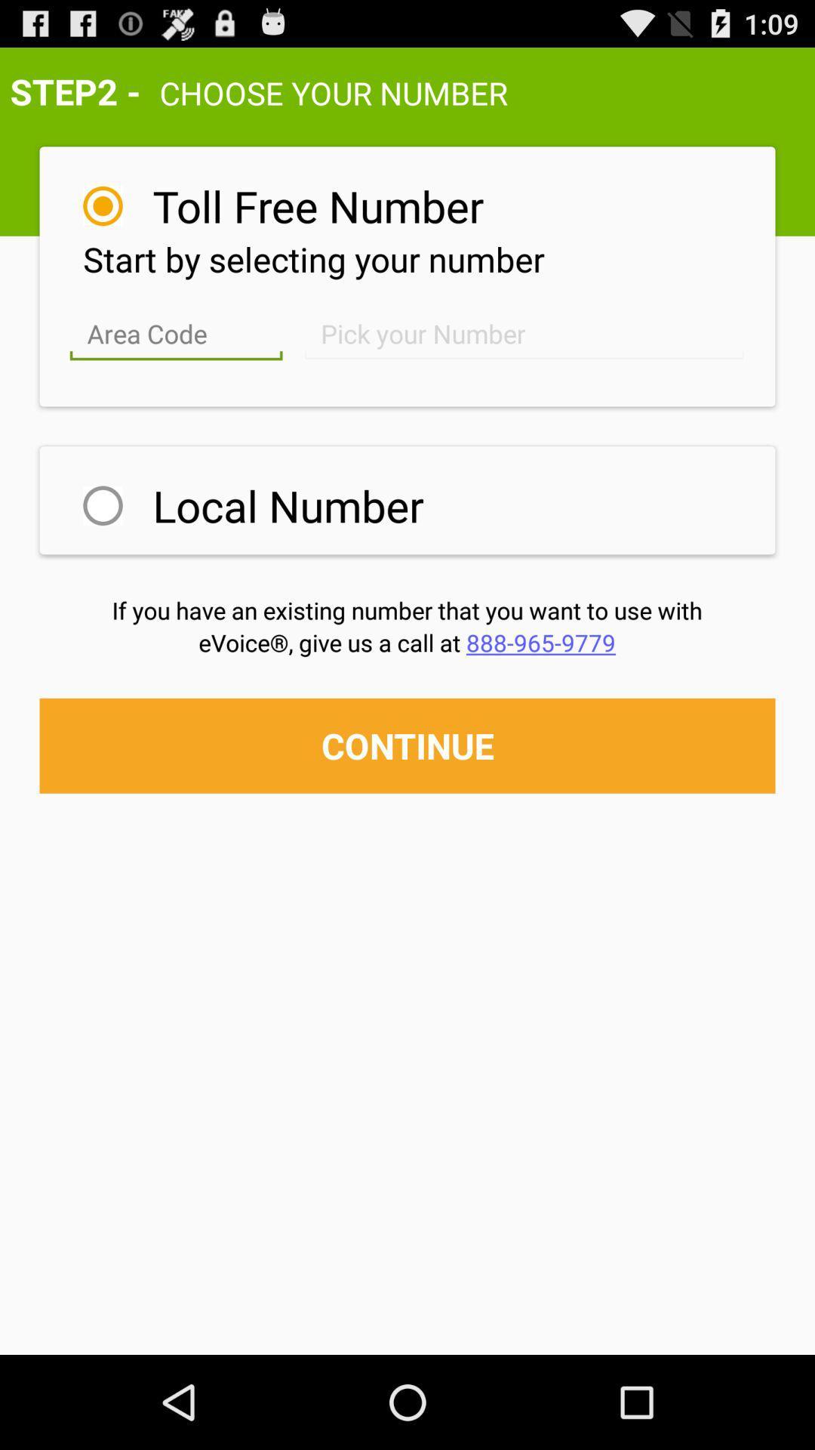 The image size is (815, 1450). What do you see at coordinates (406, 642) in the screenshot?
I see `icon above continue button` at bounding box center [406, 642].